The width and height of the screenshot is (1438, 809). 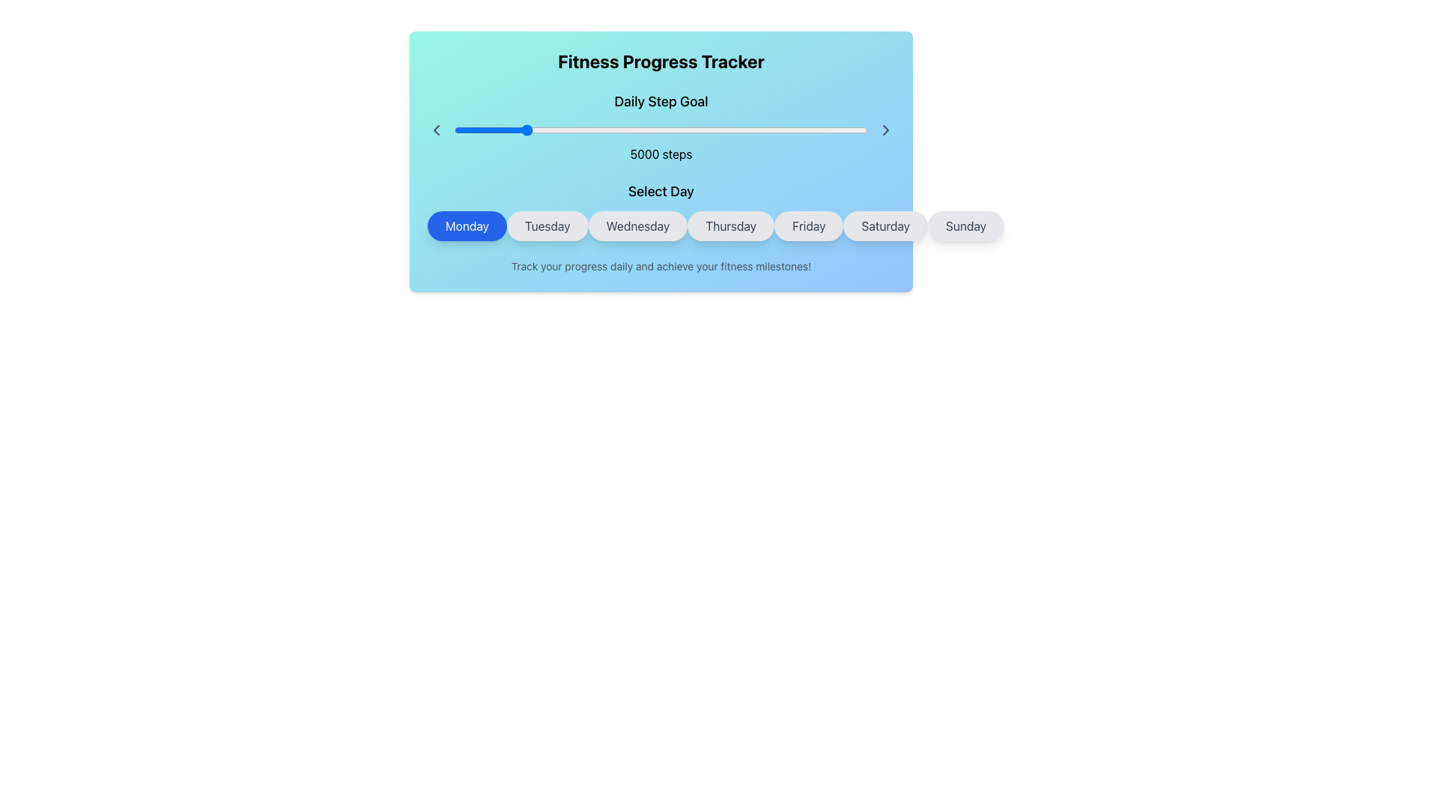 I want to click on the text element displaying '5000 steps', which is centered below the slider component in the 'Daily Step Goal' group, so click(x=661, y=154).